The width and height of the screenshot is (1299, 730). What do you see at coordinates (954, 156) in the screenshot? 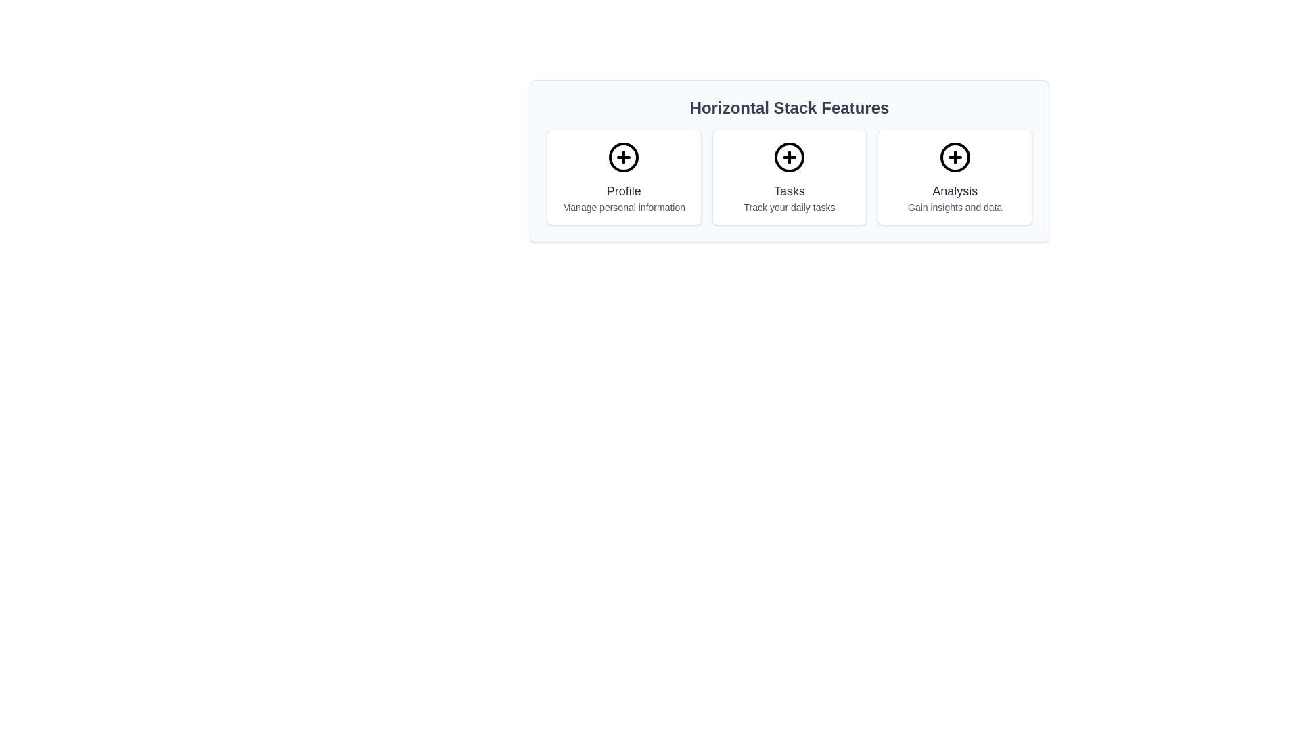
I see `the interactive icon for the 'Analysis' card, which is located at the top center above the text elements 'Analysis' and 'Gain insights and data'` at bounding box center [954, 156].